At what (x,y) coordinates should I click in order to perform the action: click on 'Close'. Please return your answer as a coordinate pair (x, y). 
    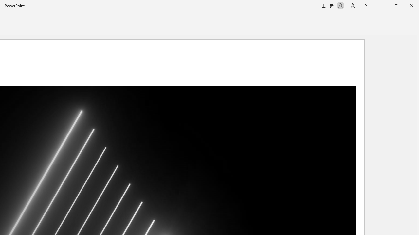
    Looking at the image, I should click on (411, 5).